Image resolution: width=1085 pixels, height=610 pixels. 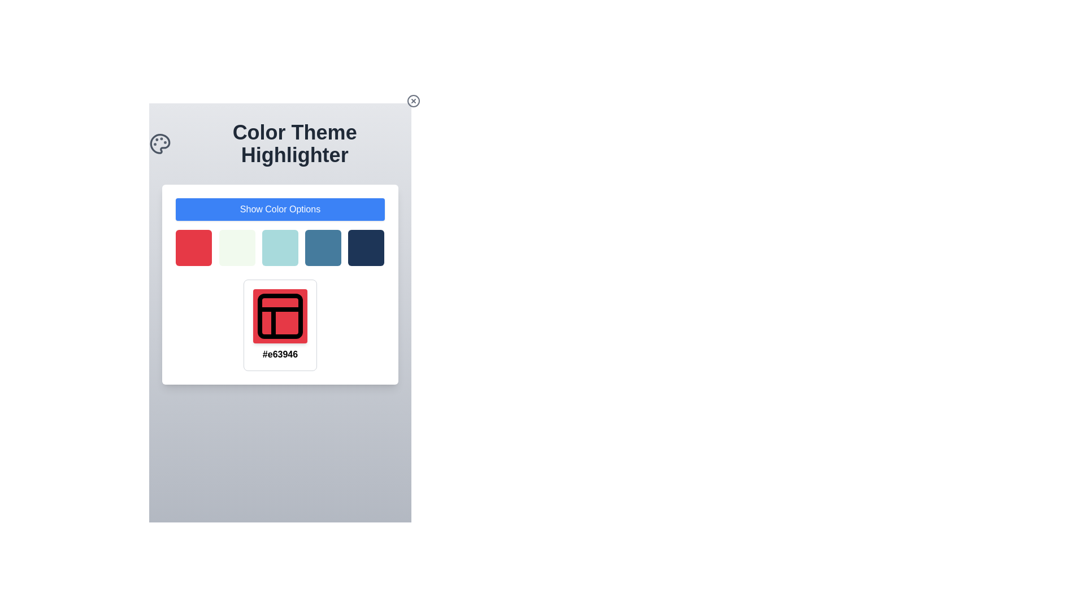 What do you see at coordinates (413, 100) in the screenshot?
I see `the outer circular component of the icon located in the top-right corner, adjacent to the title 'Color Theme Highlighter'` at bounding box center [413, 100].